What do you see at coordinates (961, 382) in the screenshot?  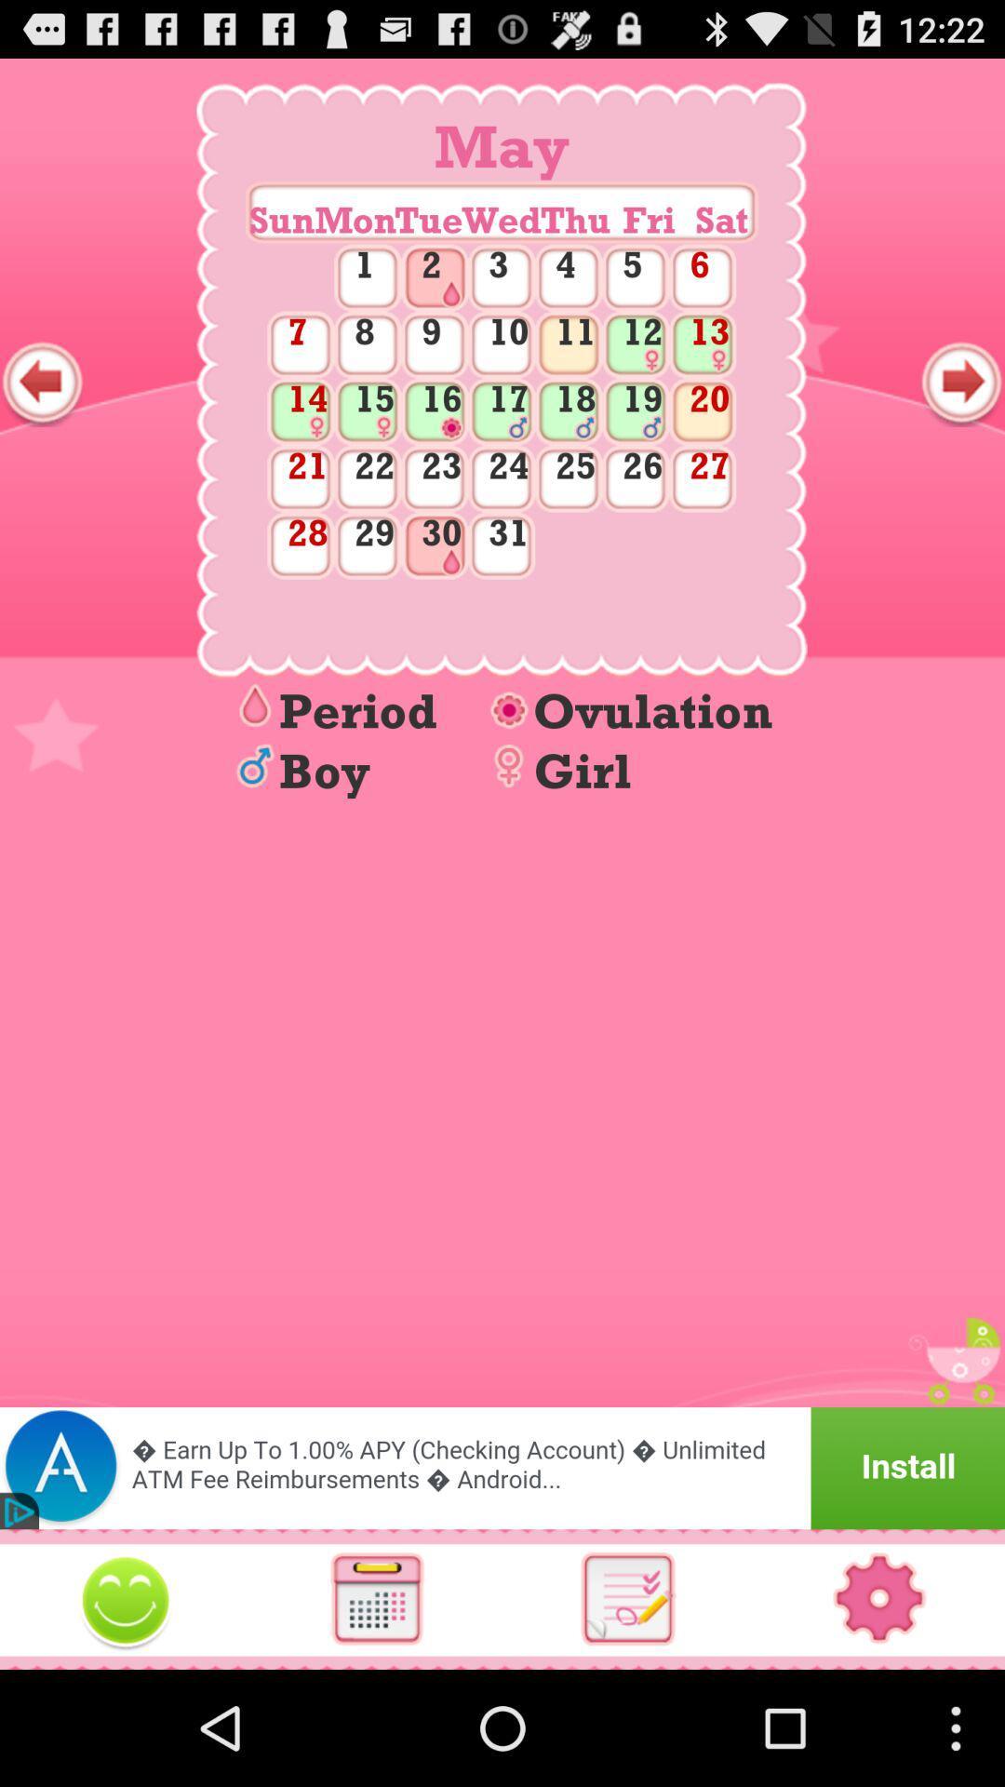 I see `next screen` at bounding box center [961, 382].